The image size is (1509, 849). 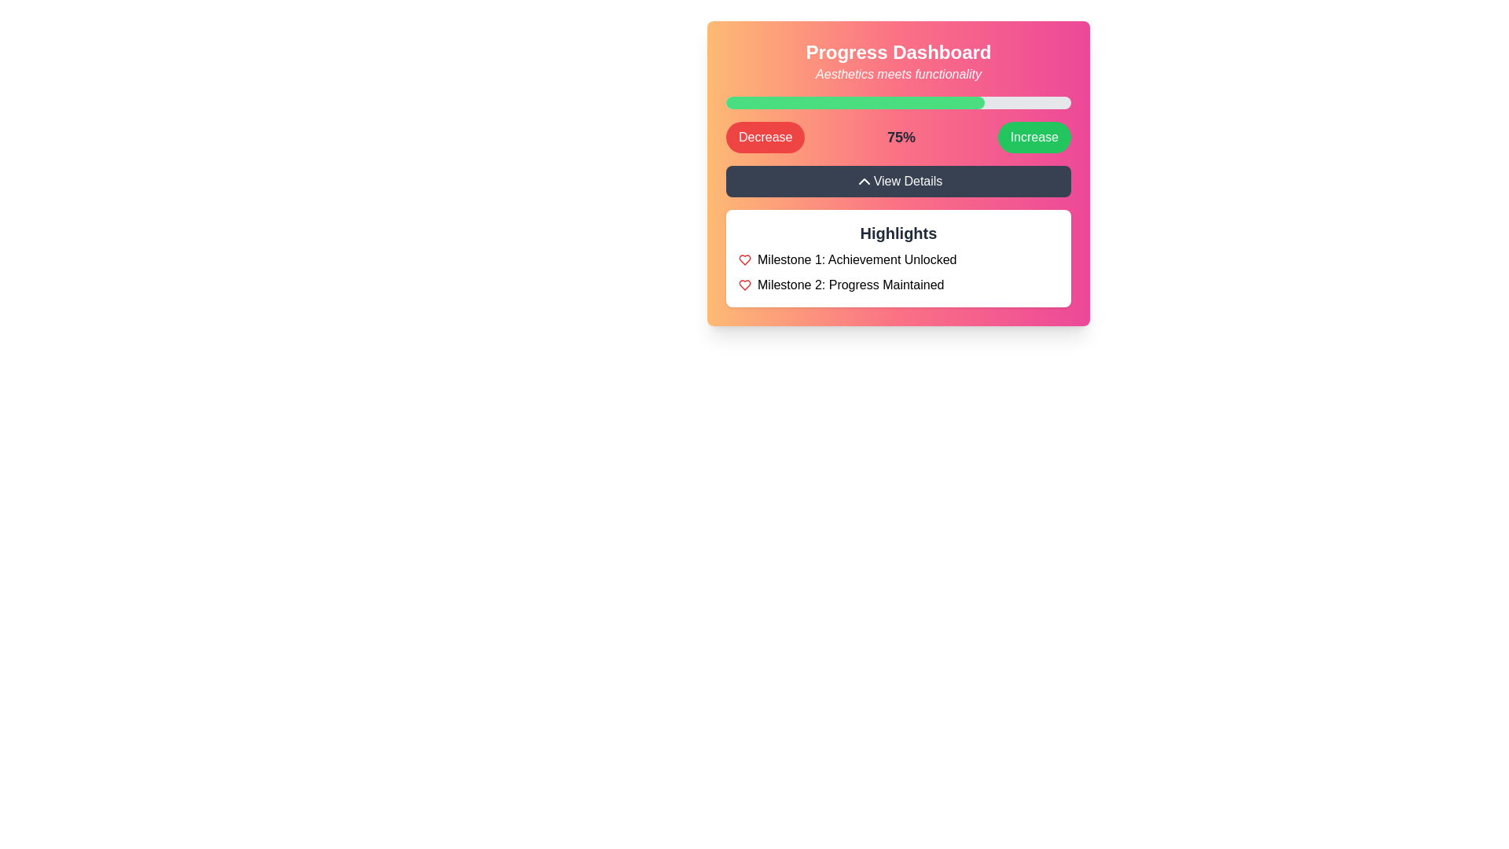 I want to click on the small upward-pointing chevron icon located at the top center of the 'View Details' button, so click(x=863, y=181).